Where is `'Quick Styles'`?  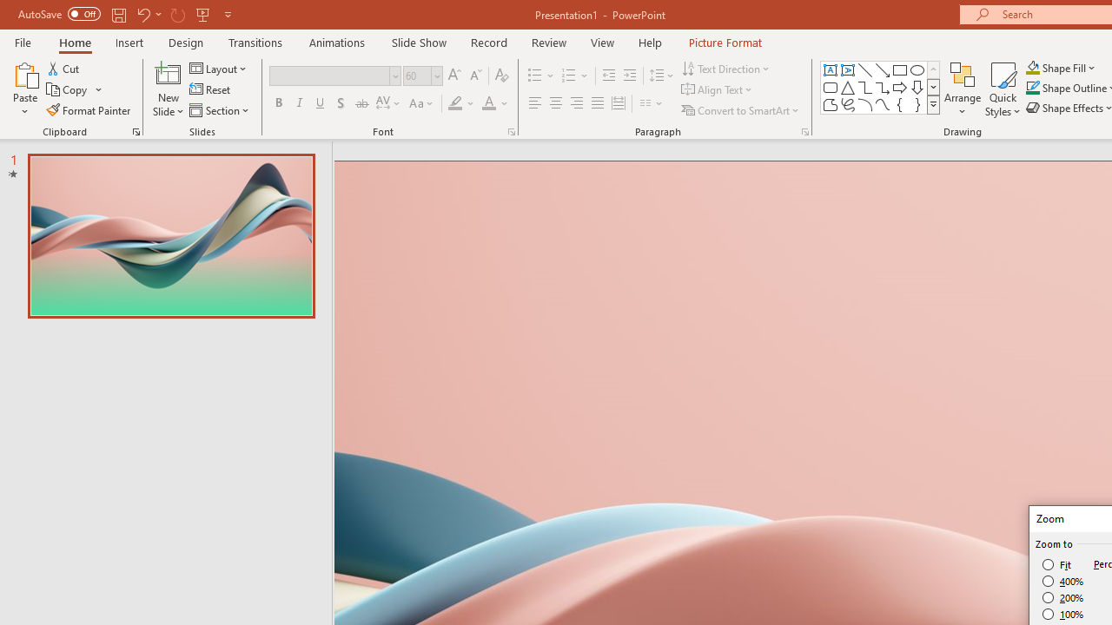 'Quick Styles' is located at coordinates (1003, 89).